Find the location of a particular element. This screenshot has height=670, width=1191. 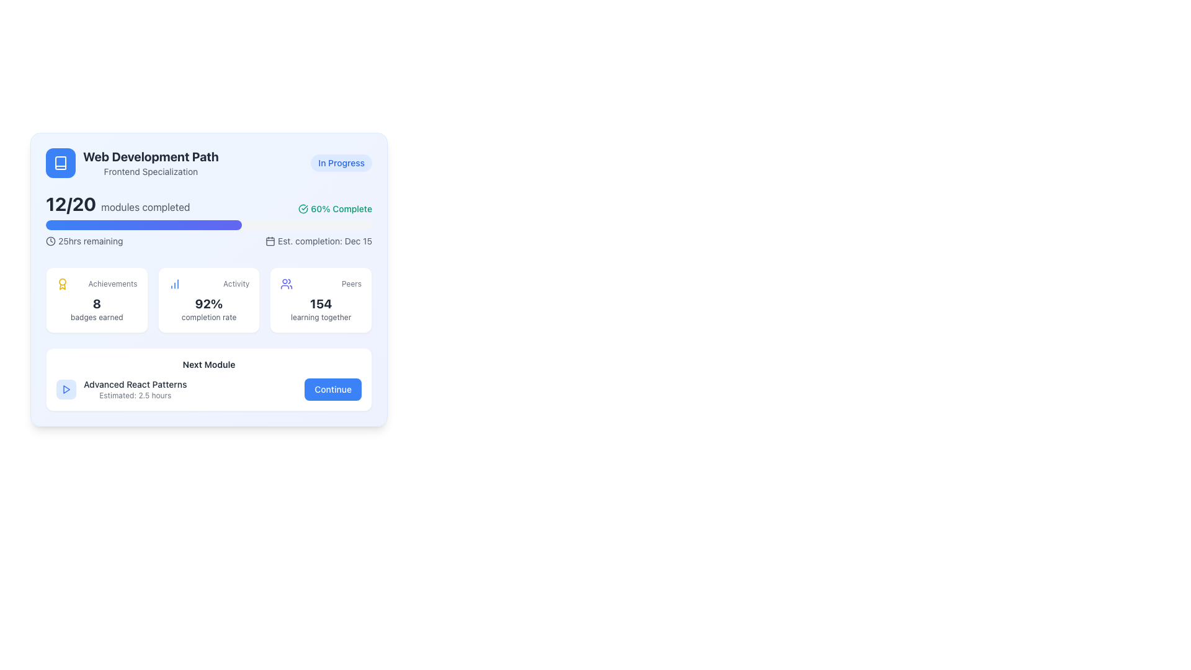

the icon representing the 'Advanced React Patterns' module, located in the lower section of the interface within the 'Next Module' section, to the left of the text 'Advanced React Patterns' is located at coordinates (65, 389).